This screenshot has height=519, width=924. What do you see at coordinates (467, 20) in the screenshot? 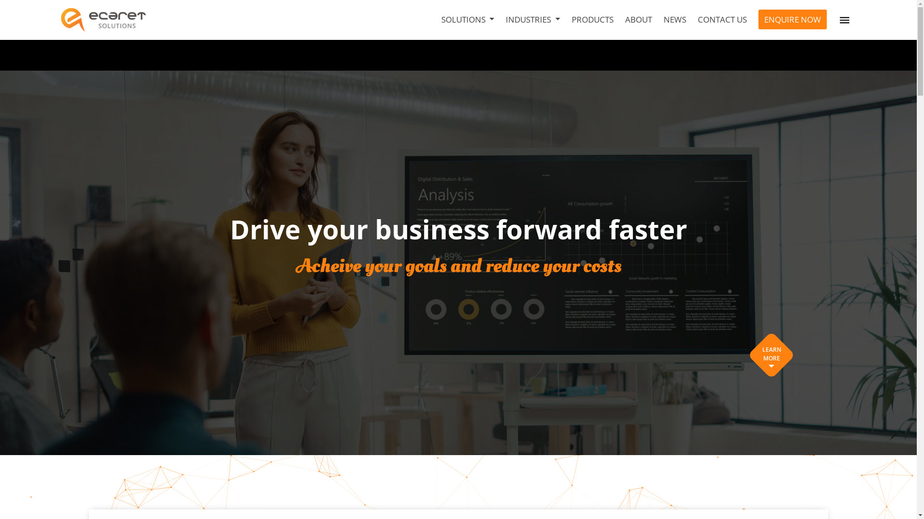
I see `'SOLUTIONS'` at bounding box center [467, 20].